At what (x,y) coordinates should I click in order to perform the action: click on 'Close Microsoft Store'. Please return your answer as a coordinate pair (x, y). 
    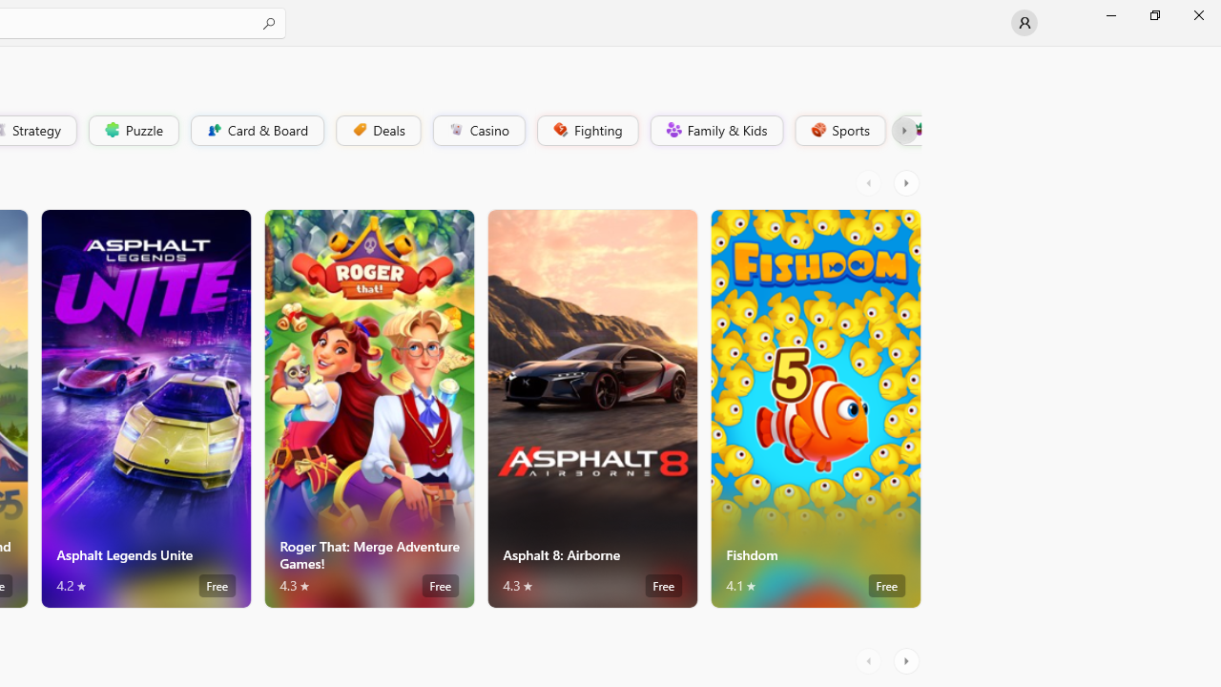
    Looking at the image, I should click on (1197, 14).